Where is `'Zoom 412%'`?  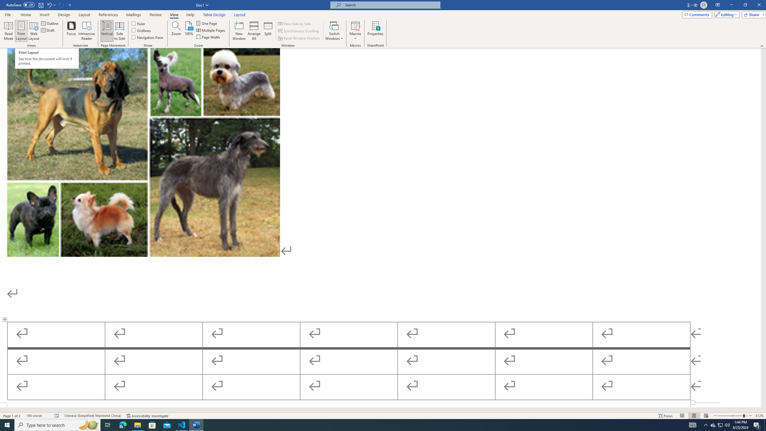 'Zoom 412%' is located at coordinates (759, 416).